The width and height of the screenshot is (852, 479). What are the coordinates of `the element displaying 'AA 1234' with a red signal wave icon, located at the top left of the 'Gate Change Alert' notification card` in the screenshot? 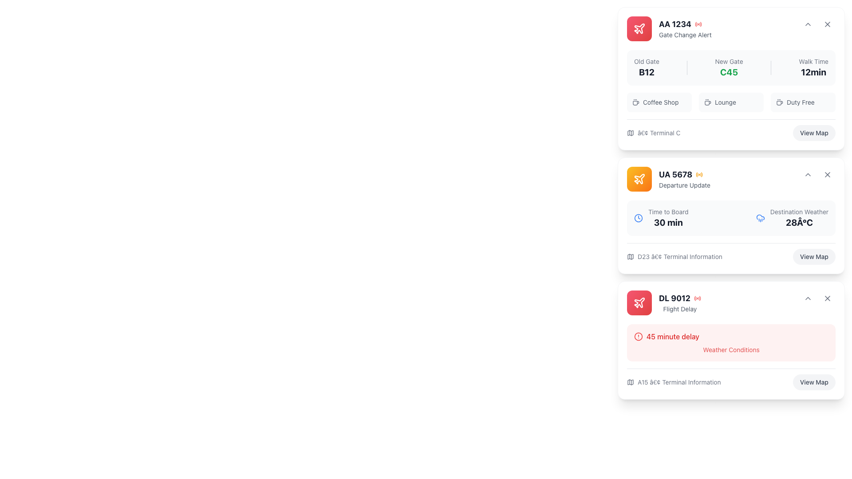 It's located at (685, 24).